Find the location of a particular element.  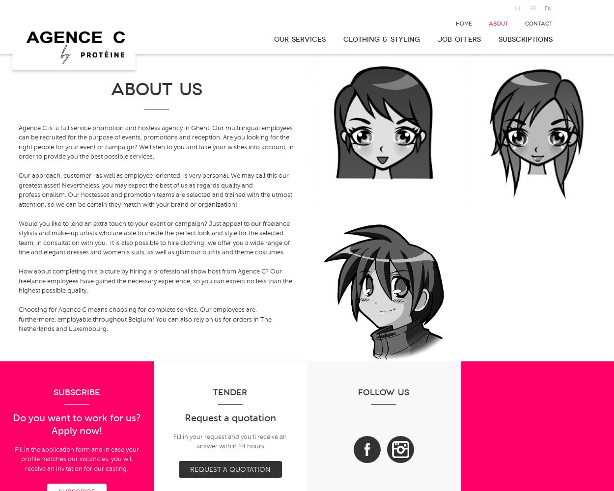

'Choosing for Agence C means choosing for complete service. Our employees are, furthermore, employable throughout Belgium! You can also rely on us for orders in The Netherlands and Luxembourg.' is located at coordinates (144, 319).